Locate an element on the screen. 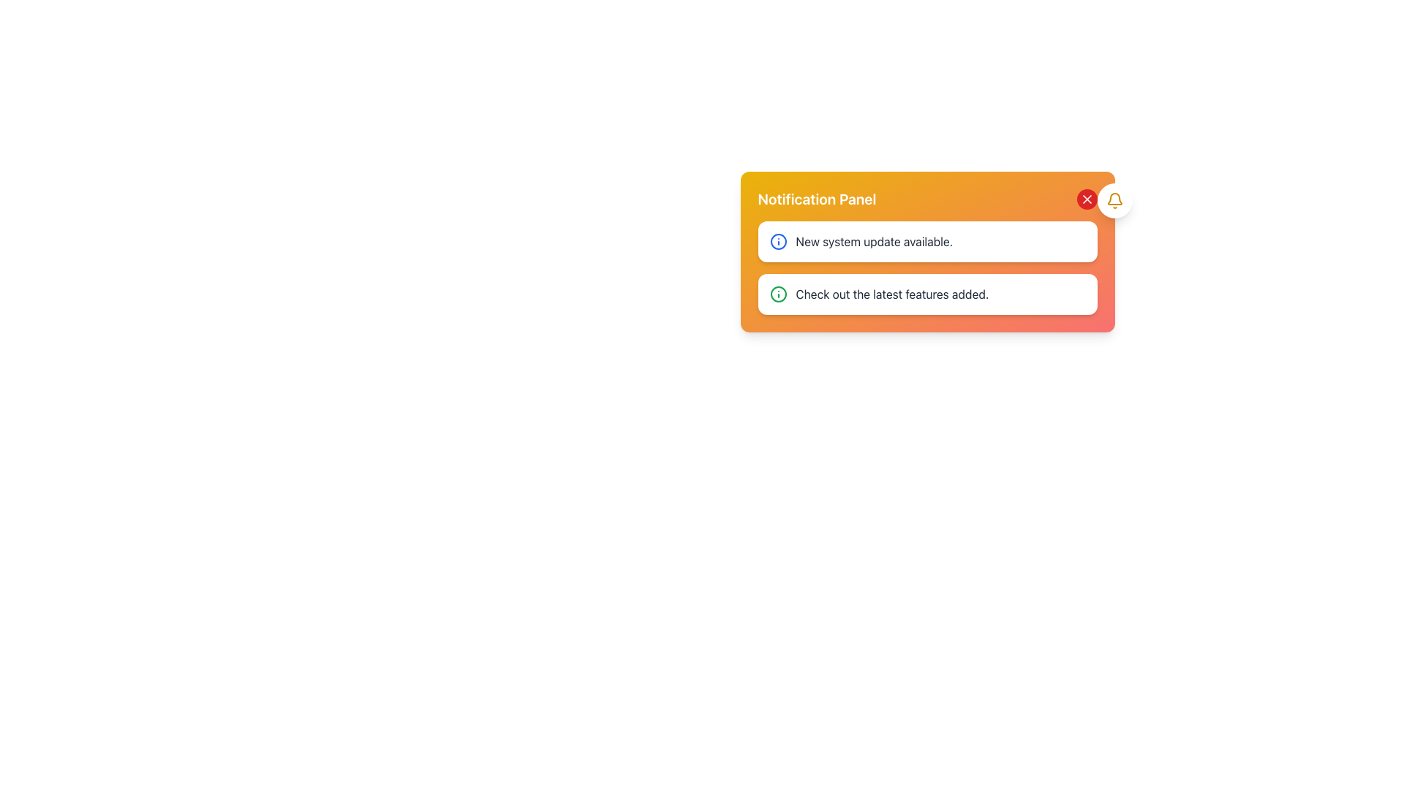  the bell icon button in the top-right corner of the notification panel is located at coordinates (1114, 200).